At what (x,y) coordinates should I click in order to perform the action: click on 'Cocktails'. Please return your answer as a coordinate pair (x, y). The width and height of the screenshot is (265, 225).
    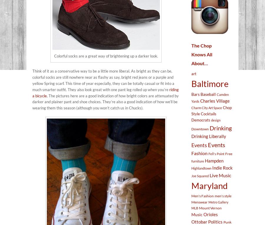
    Looking at the image, I should click on (208, 114).